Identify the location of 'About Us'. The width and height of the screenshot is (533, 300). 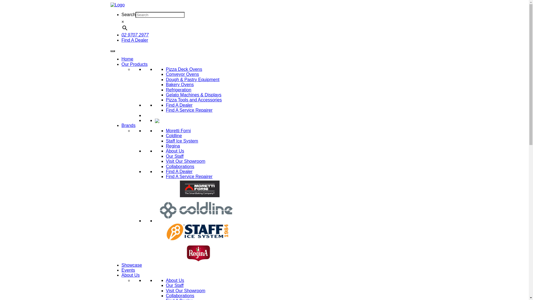
(175, 151).